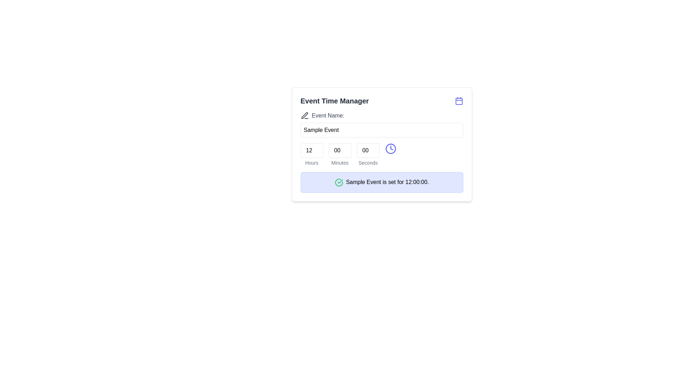 Image resolution: width=676 pixels, height=380 pixels. What do you see at coordinates (381, 182) in the screenshot?
I see `within the interactive Notification box located at the bottom of the 'Event Time Manager' card, which contains a green checkmark icon and the text 'Sample Event is set for 12:00:00.'` at bounding box center [381, 182].